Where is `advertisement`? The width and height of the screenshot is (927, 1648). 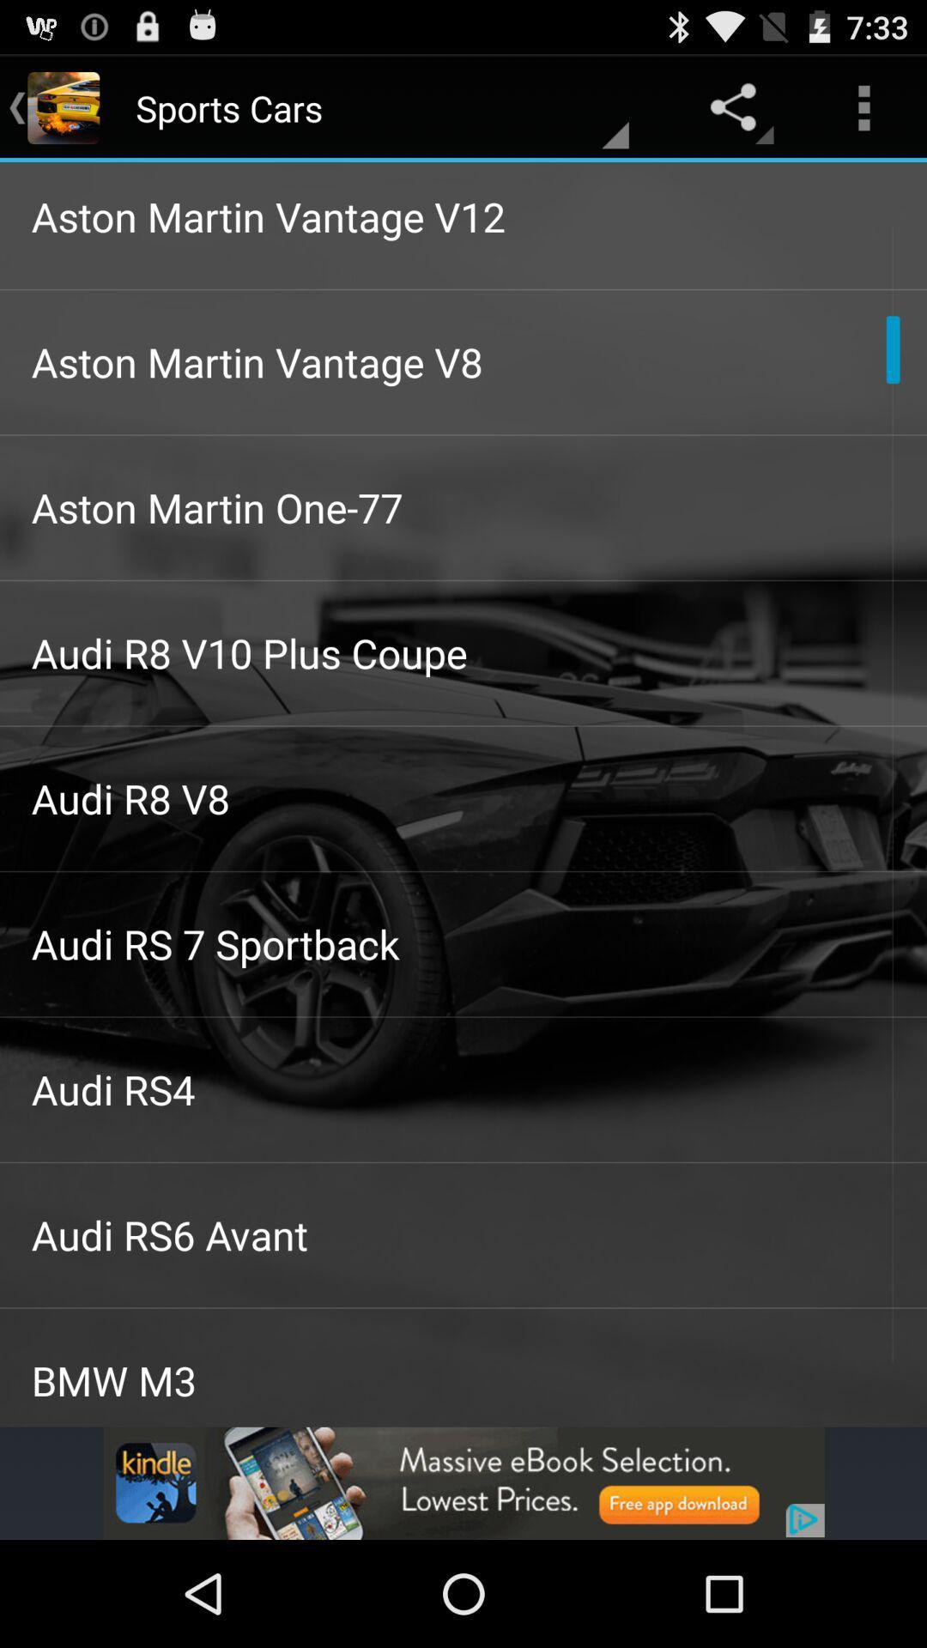
advertisement is located at coordinates (463, 1482).